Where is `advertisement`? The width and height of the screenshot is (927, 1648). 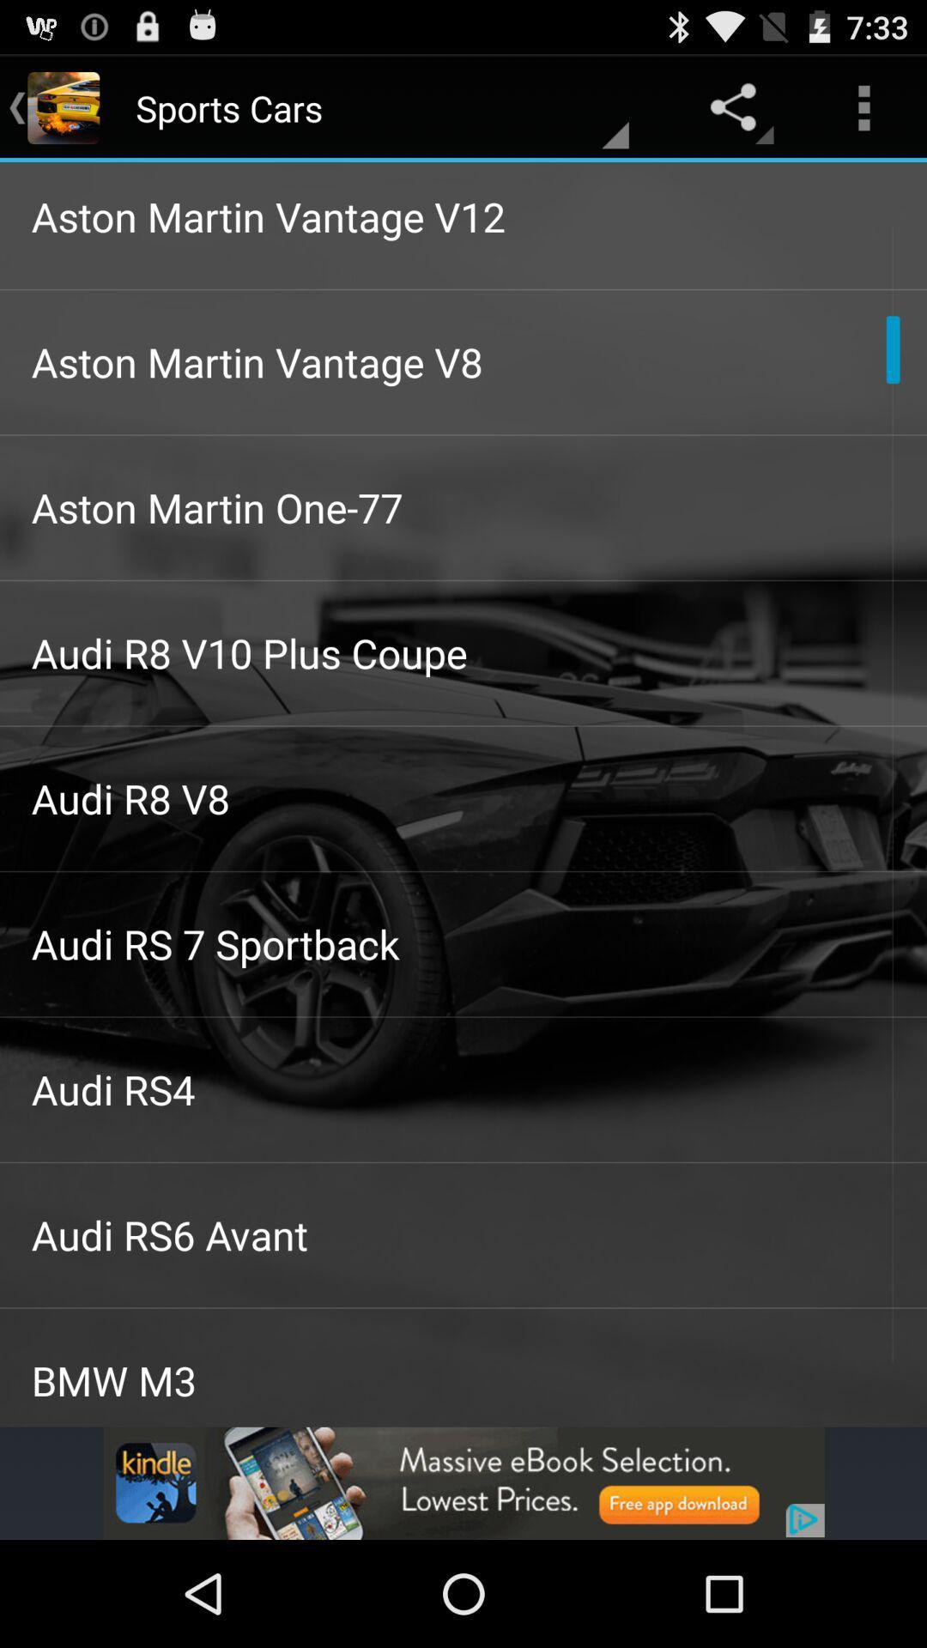
advertisement is located at coordinates (463, 1482).